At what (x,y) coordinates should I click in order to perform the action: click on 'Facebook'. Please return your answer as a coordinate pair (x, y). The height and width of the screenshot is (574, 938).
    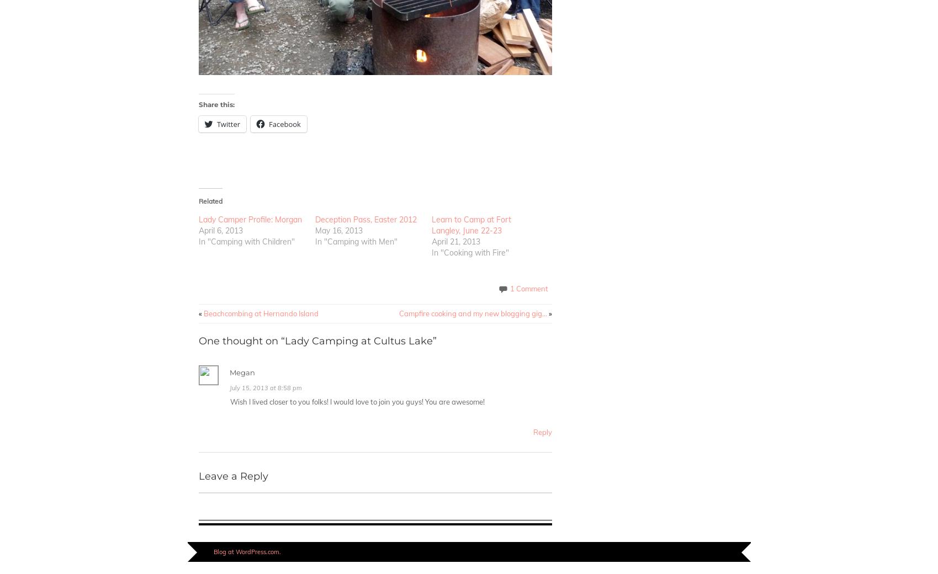
    Looking at the image, I should click on (284, 124).